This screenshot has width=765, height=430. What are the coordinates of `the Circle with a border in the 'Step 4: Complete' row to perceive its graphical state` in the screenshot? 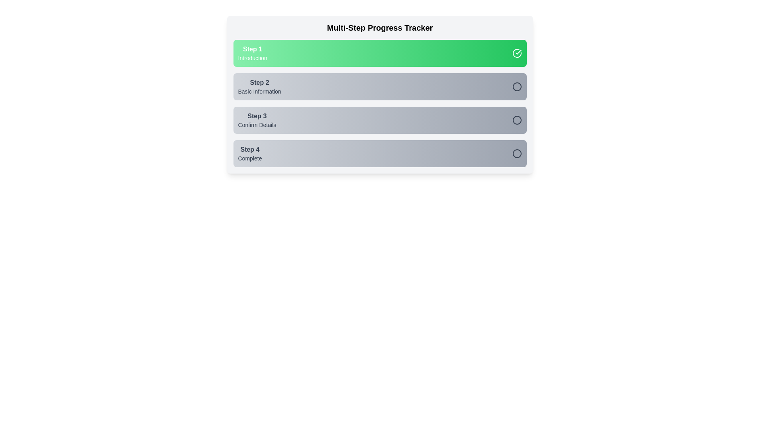 It's located at (517, 153).